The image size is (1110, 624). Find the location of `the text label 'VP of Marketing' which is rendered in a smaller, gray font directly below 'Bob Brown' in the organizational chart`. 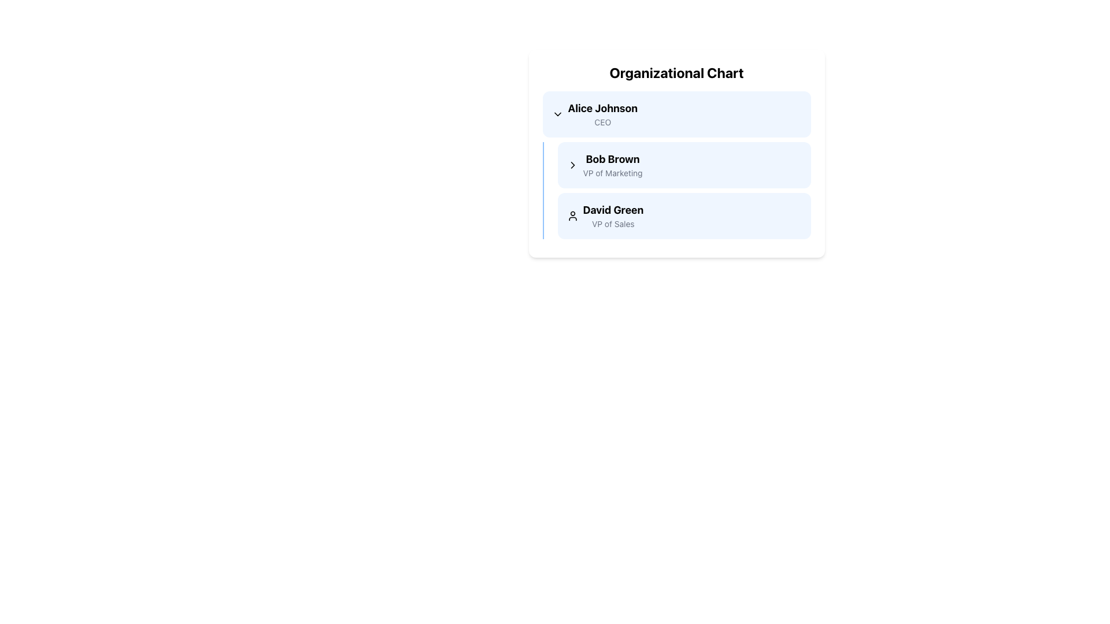

the text label 'VP of Marketing' which is rendered in a smaller, gray font directly below 'Bob Brown' in the organizational chart is located at coordinates (612, 173).